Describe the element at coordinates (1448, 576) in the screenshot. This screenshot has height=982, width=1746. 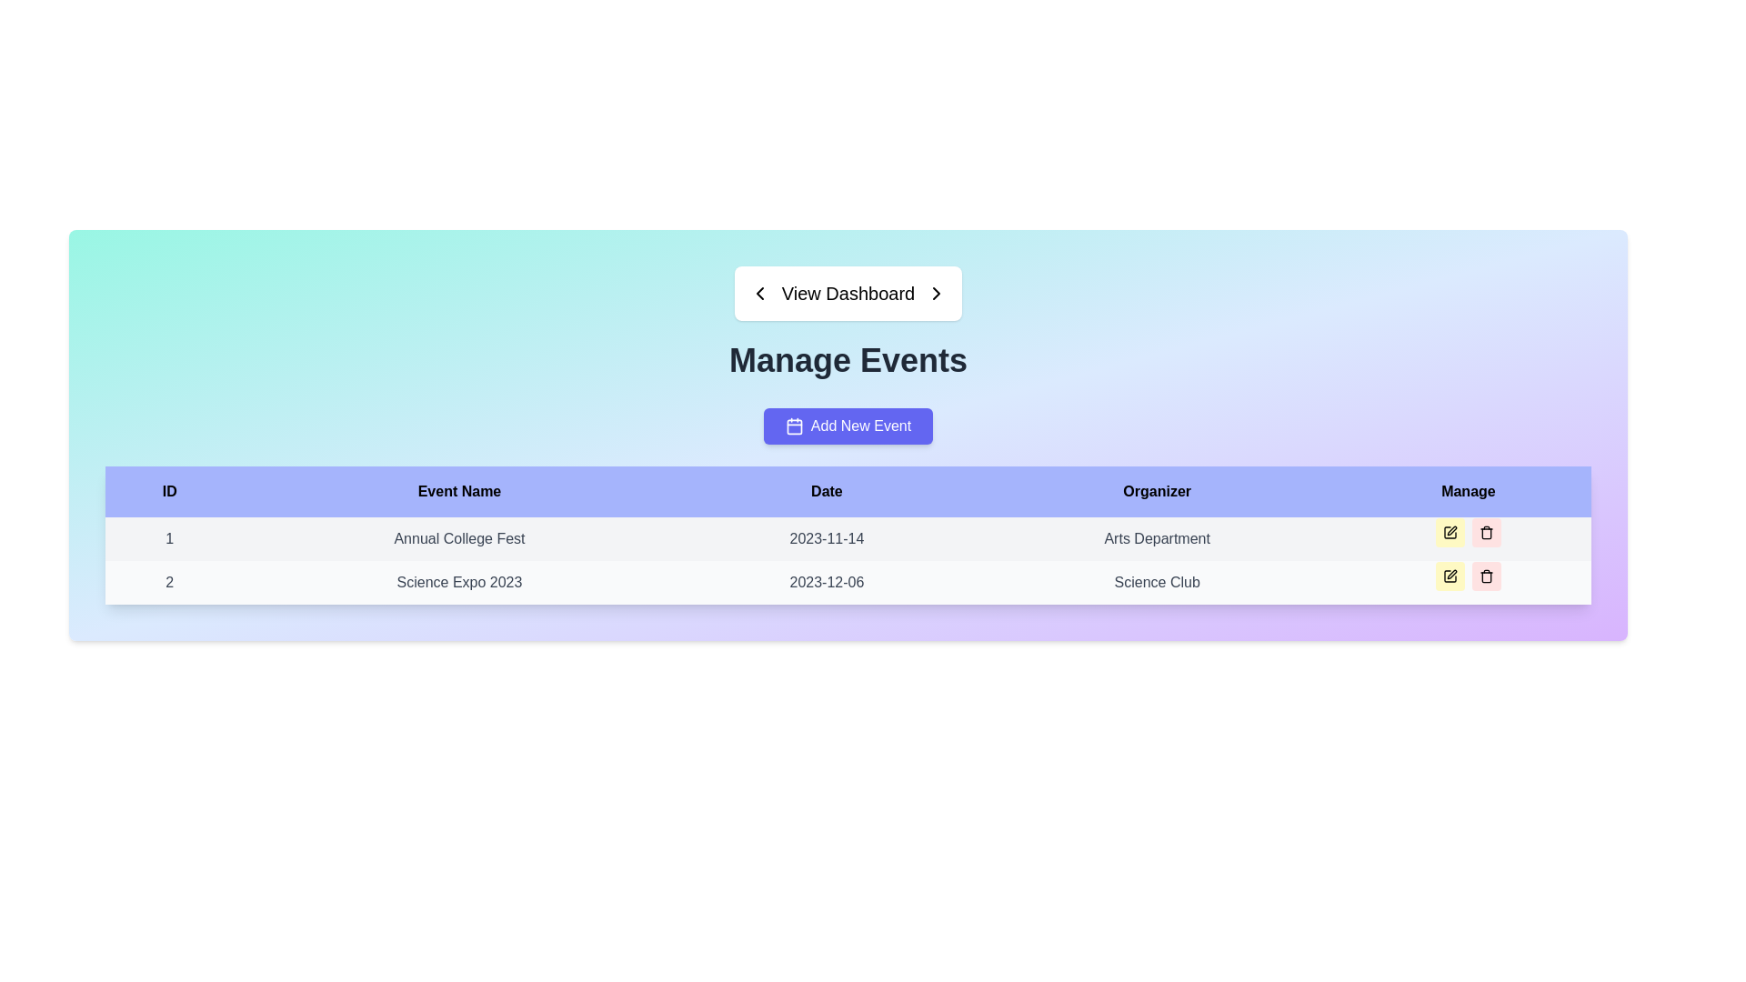
I see `the 'Edit' button` at that location.